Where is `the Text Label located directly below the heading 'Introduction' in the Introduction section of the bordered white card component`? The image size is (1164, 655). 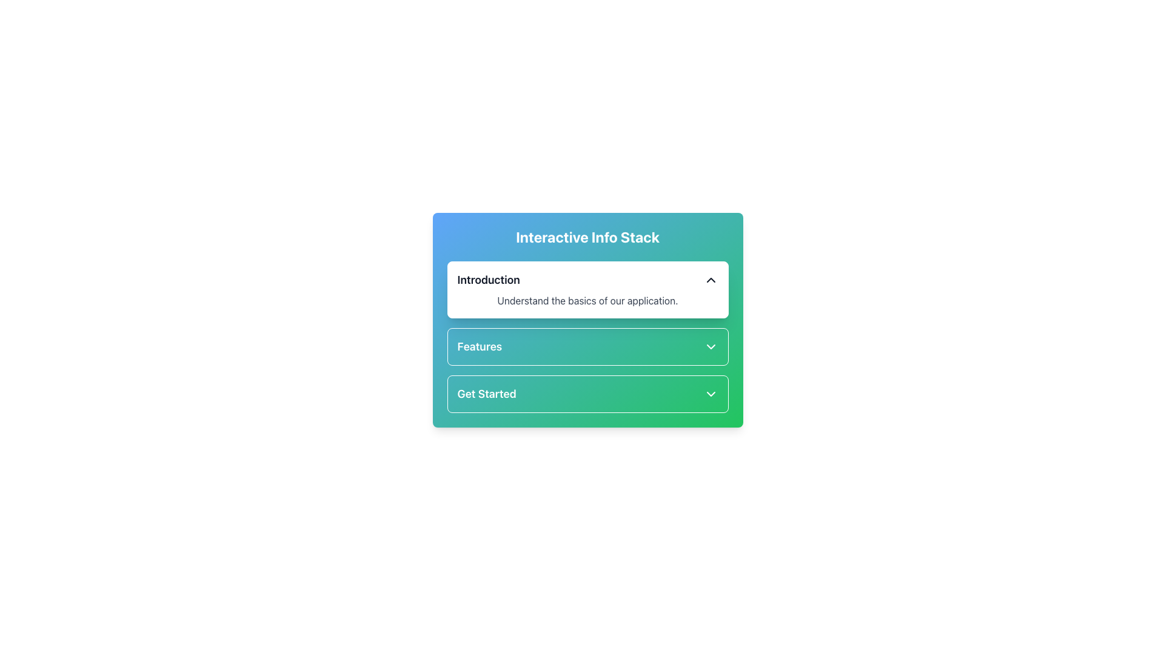
the Text Label located directly below the heading 'Introduction' in the Introduction section of the bordered white card component is located at coordinates (587, 300).